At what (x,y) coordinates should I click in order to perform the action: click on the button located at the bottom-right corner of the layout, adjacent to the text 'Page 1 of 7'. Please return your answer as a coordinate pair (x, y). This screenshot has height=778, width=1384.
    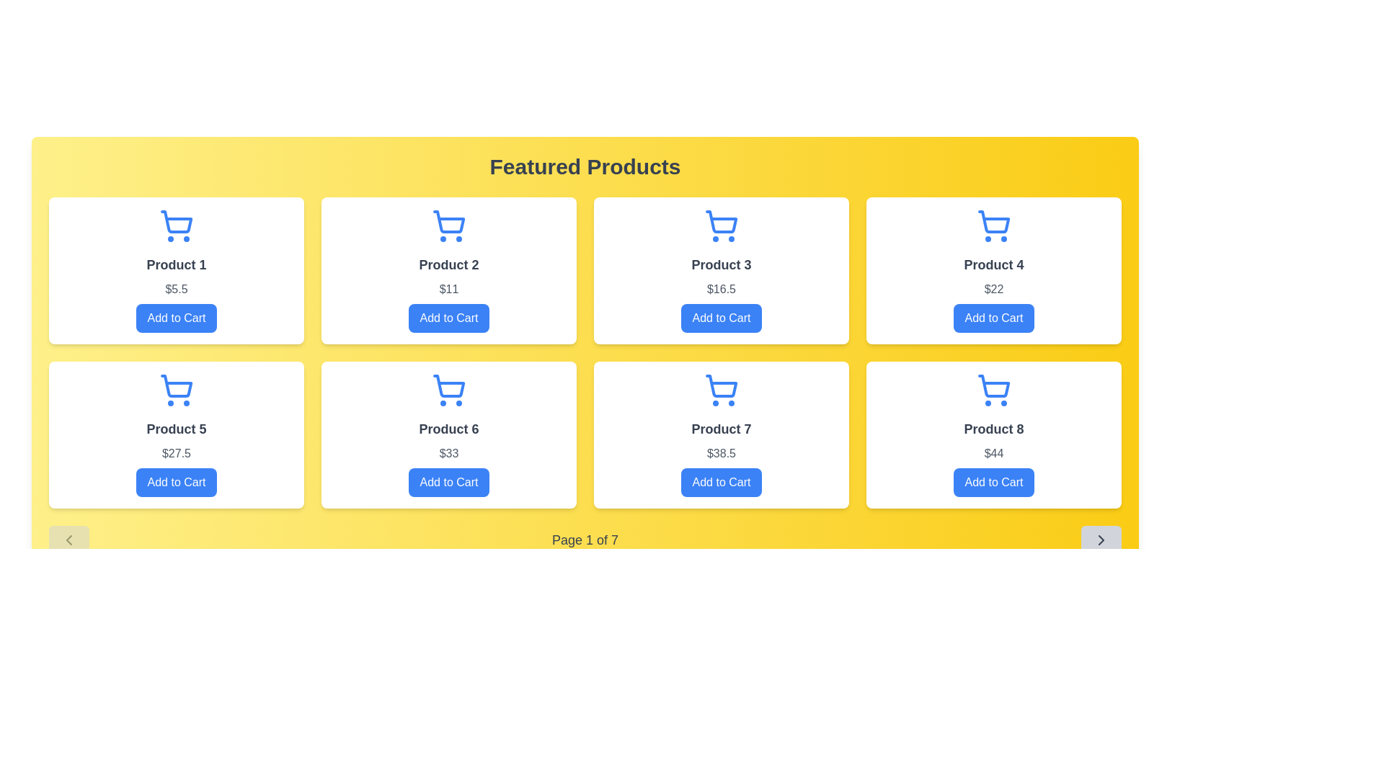
    Looking at the image, I should click on (1100, 540).